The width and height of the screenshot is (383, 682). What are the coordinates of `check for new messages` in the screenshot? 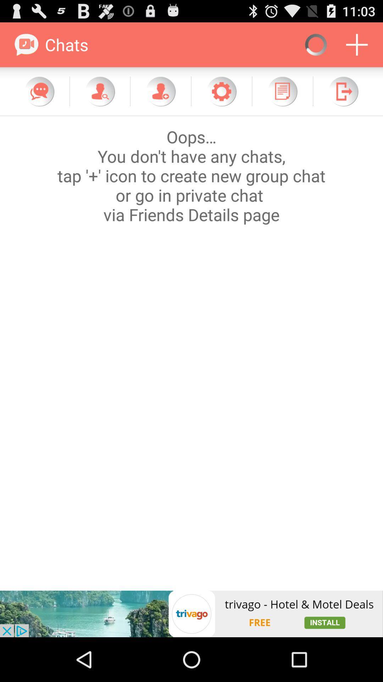 It's located at (39, 91).